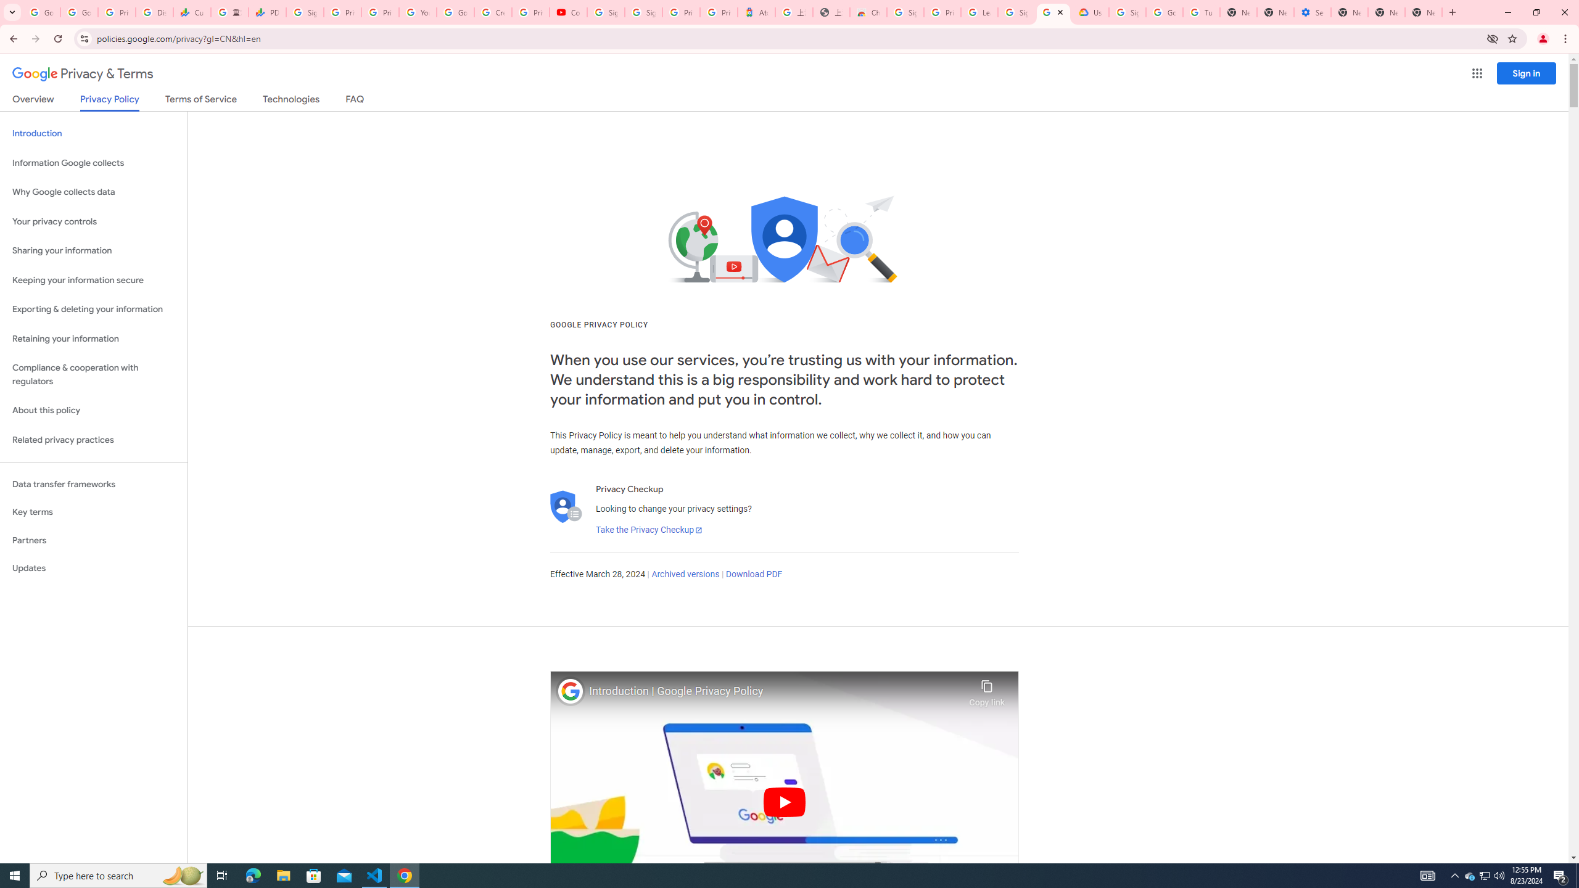 The height and width of the screenshot is (888, 1579). Describe the element at coordinates (93, 512) in the screenshot. I see `'Key terms'` at that location.